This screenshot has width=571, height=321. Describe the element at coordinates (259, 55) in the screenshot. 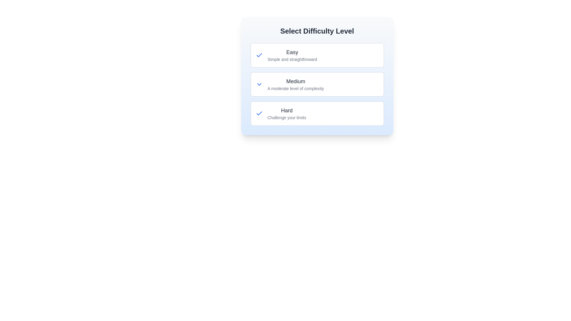

I see `the selection indicator icon for the 'Easy' option in the difficulty selection card, which signifies that this option is currently selected` at that location.